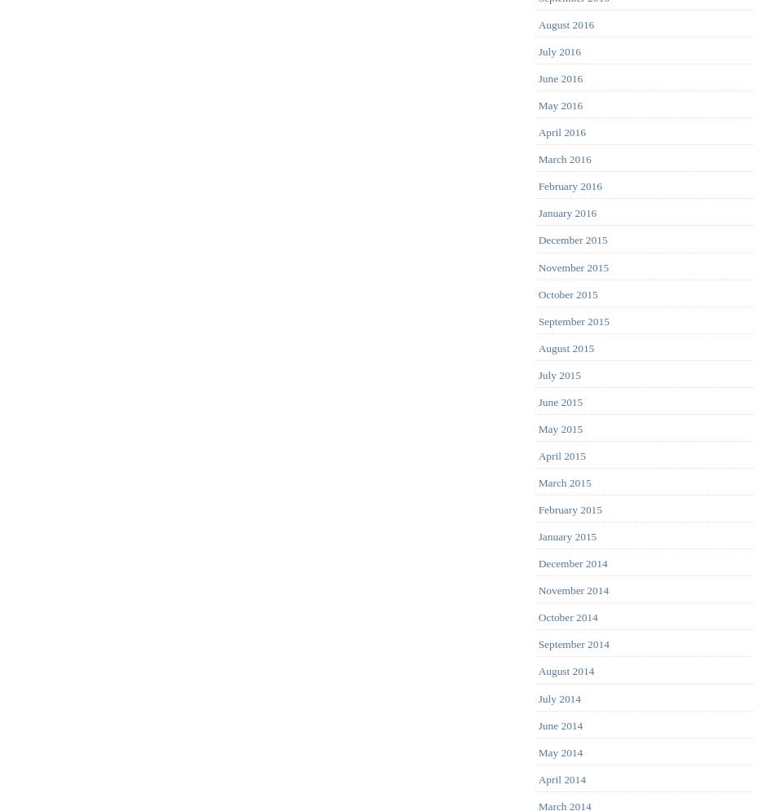 The image size is (762, 811). I want to click on 'May 2016', so click(559, 104).